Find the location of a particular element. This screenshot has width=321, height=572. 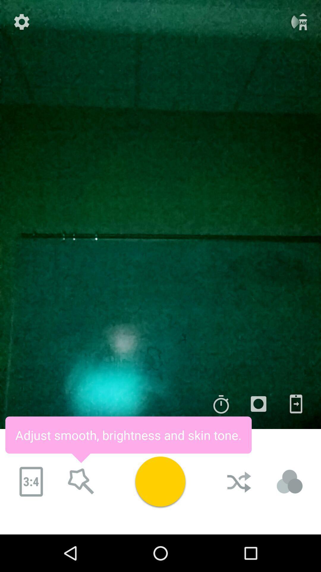

capture is located at coordinates (160, 481).